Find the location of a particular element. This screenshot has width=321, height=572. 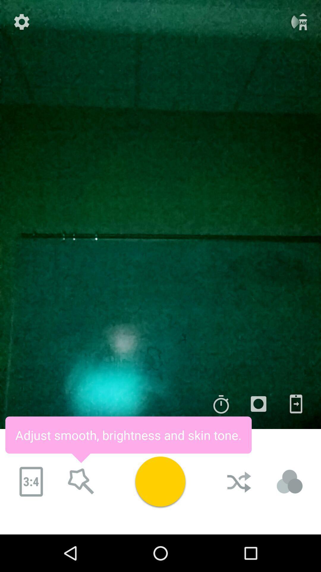

capture is located at coordinates (160, 481).